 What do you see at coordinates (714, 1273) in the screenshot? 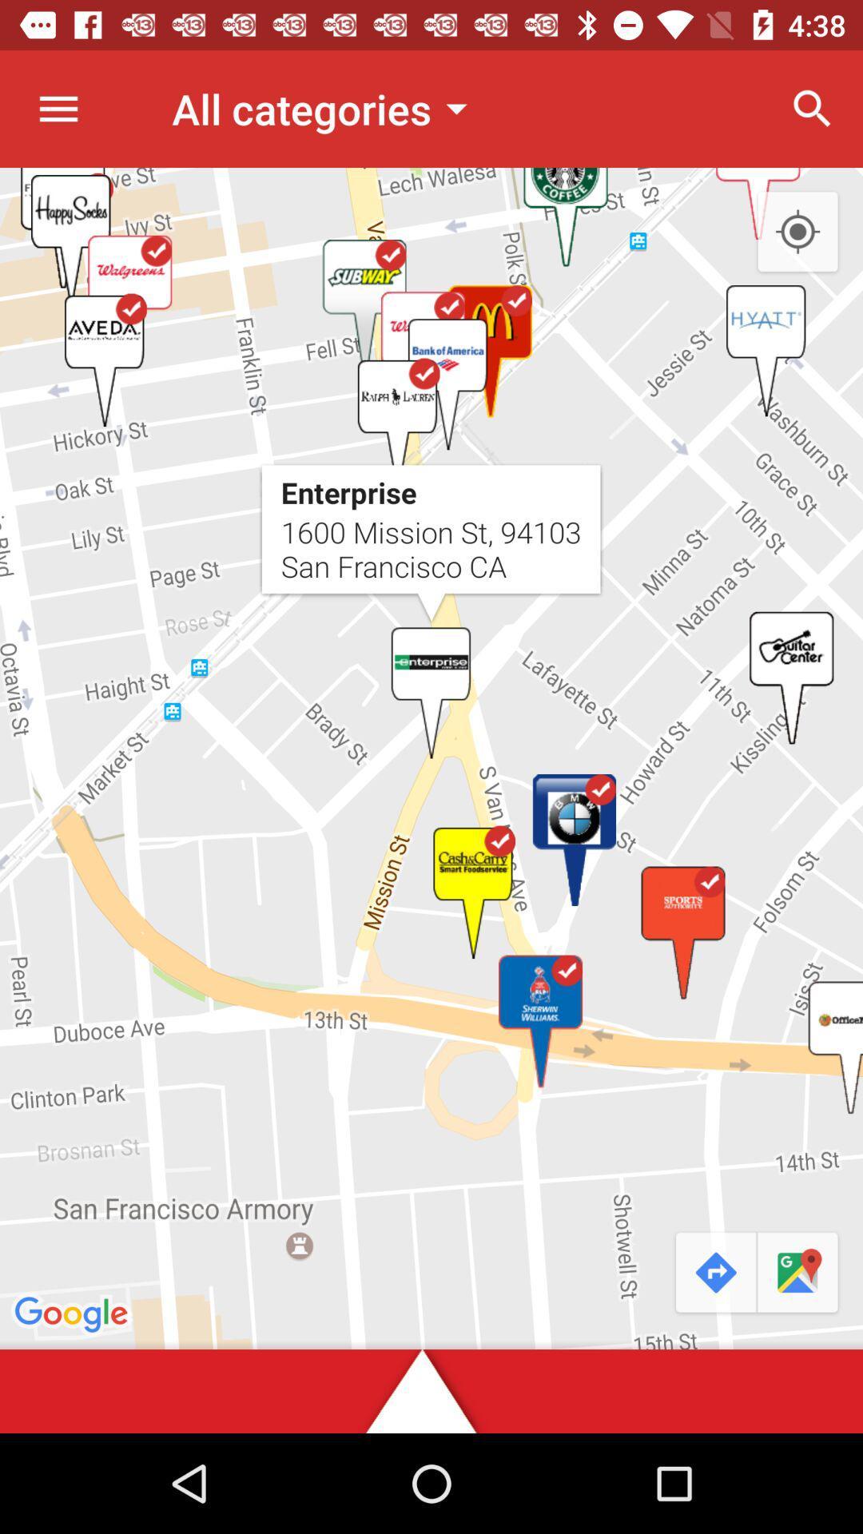
I see `the redo icon` at bounding box center [714, 1273].